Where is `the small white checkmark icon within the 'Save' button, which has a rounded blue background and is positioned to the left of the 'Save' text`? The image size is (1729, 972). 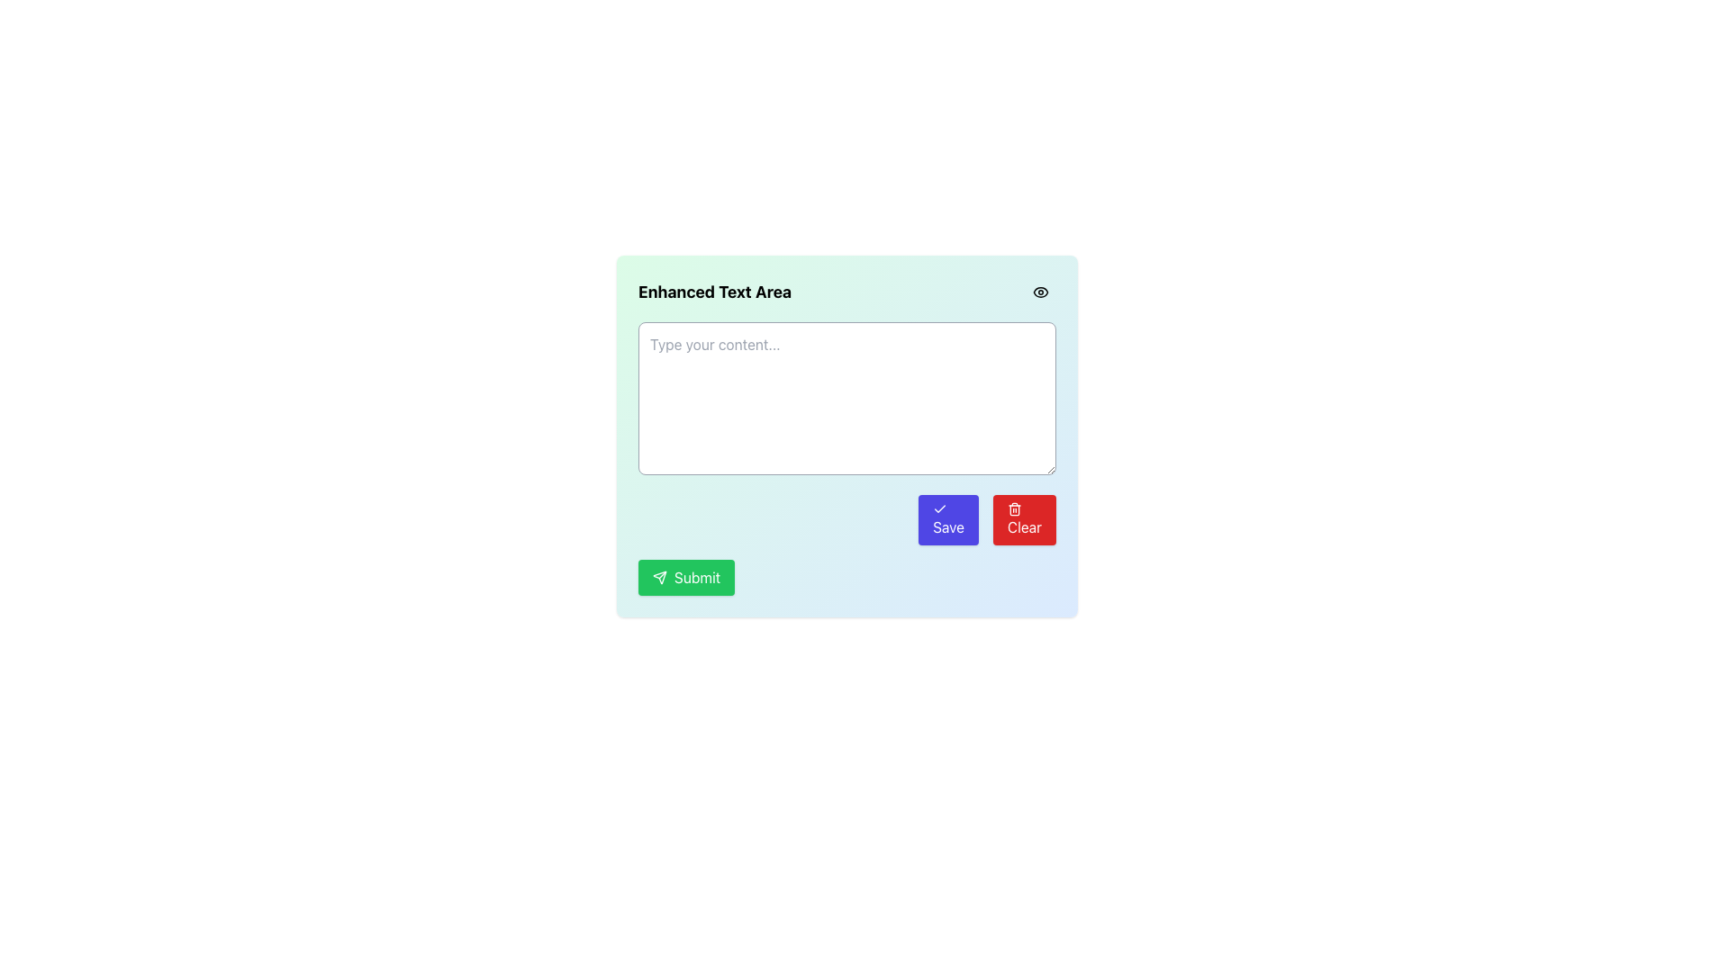 the small white checkmark icon within the 'Save' button, which has a rounded blue background and is positioned to the left of the 'Save' text is located at coordinates (939, 509).